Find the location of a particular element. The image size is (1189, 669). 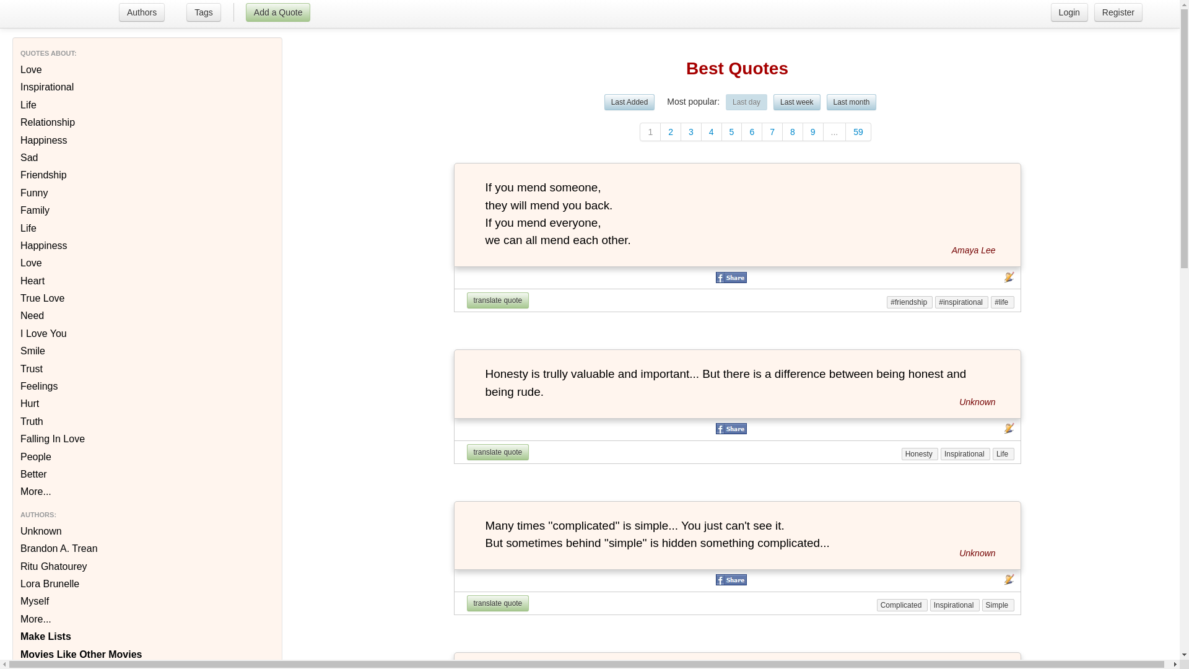

'Unknown' is located at coordinates (977, 401).